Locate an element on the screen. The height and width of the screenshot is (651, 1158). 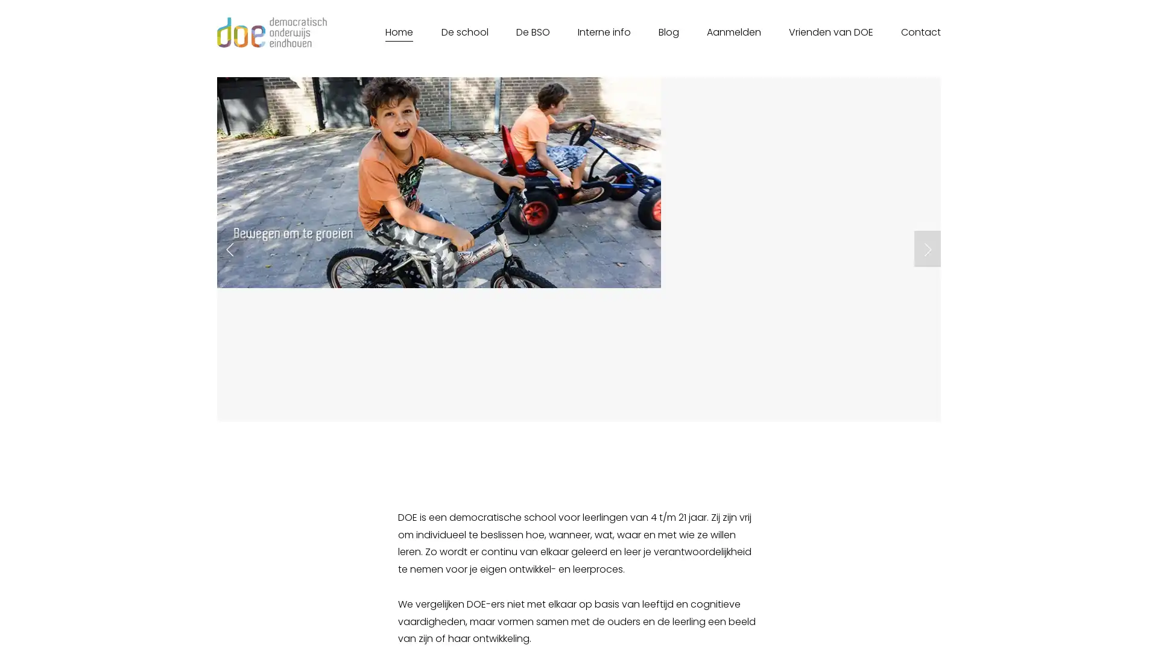
Vorige dia is located at coordinates (230, 248).